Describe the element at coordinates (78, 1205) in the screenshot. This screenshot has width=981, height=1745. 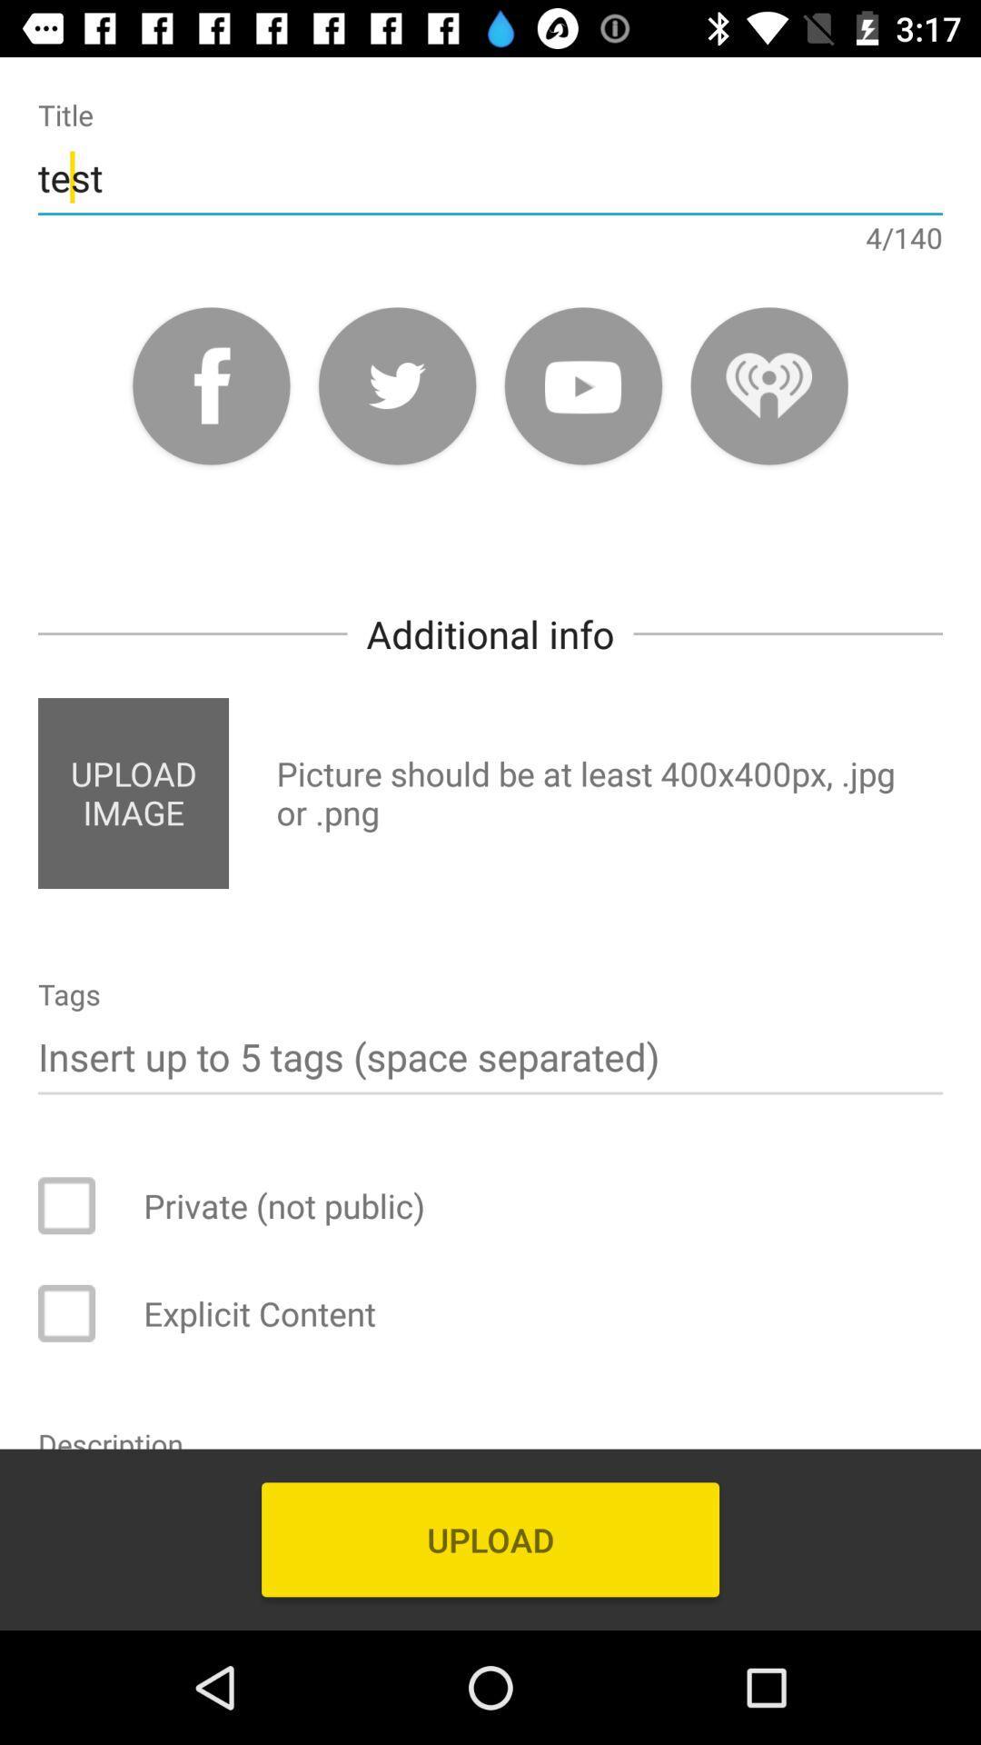
I see `item` at that location.